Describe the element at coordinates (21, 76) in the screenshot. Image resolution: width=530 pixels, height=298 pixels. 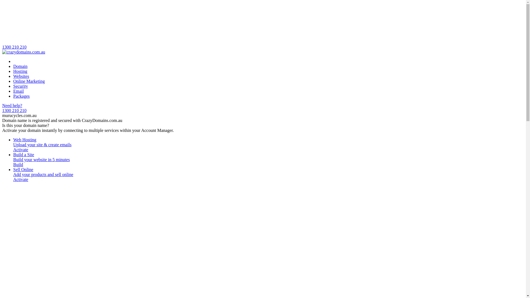
I see `'Websites'` at that location.